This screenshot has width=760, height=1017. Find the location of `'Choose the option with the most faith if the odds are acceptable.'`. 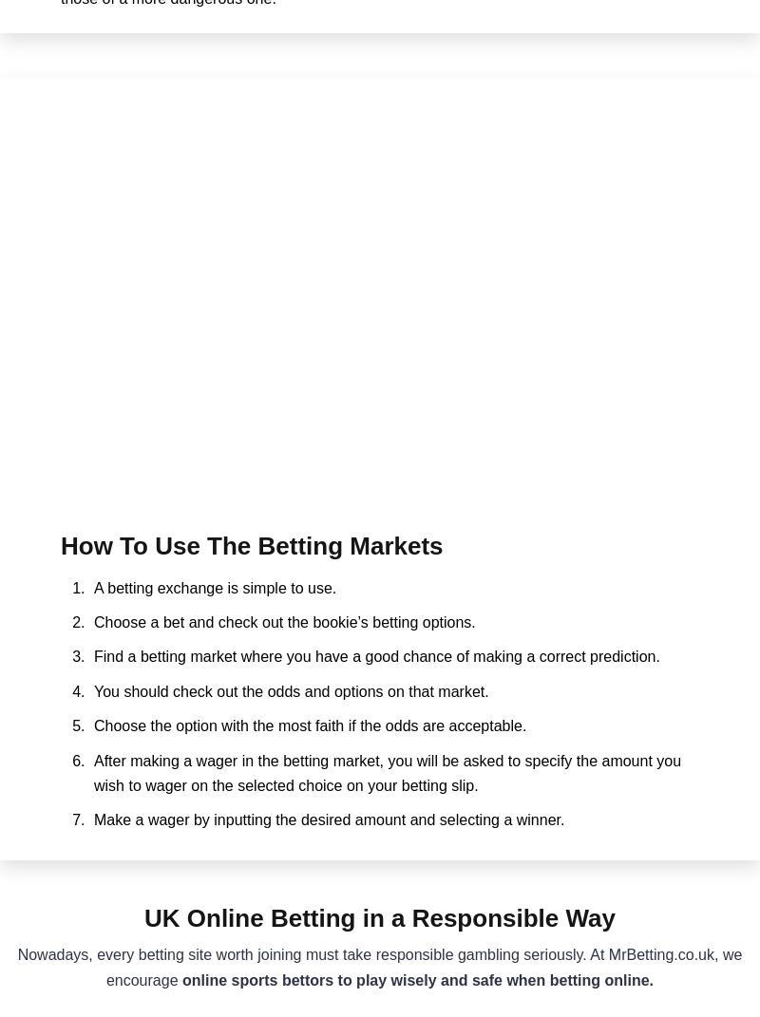

'Choose the option with the most faith if the odds are acceptable.' is located at coordinates (309, 725).